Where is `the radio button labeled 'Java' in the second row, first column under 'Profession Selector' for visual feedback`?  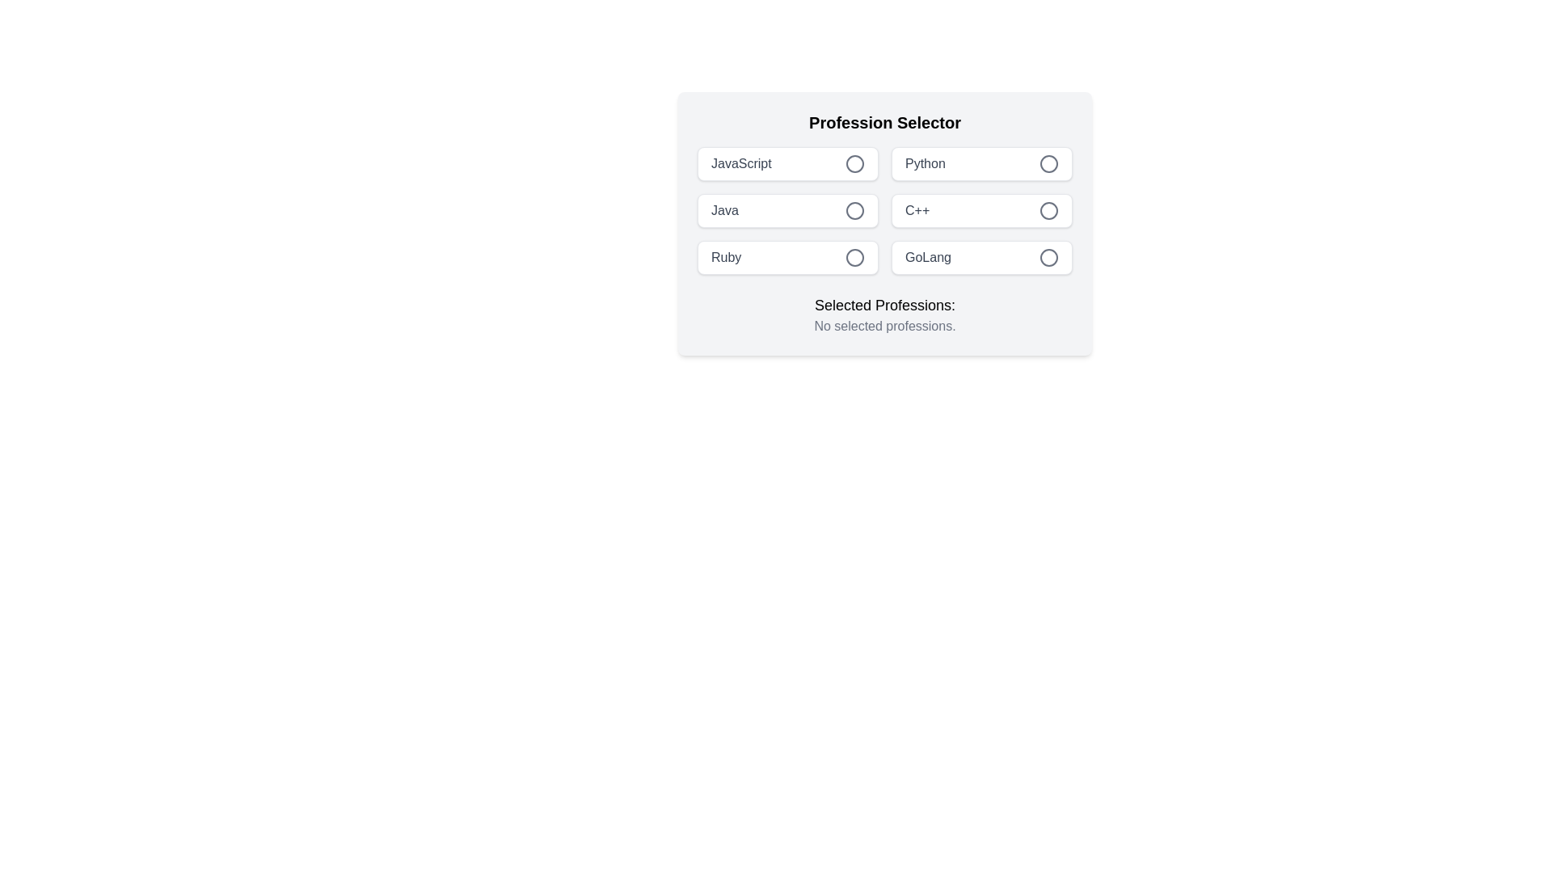
the radio button labeled 'Java' in the second row, first column under 'Profession Selector' for visual feedback is located at coordinates (854, 210).